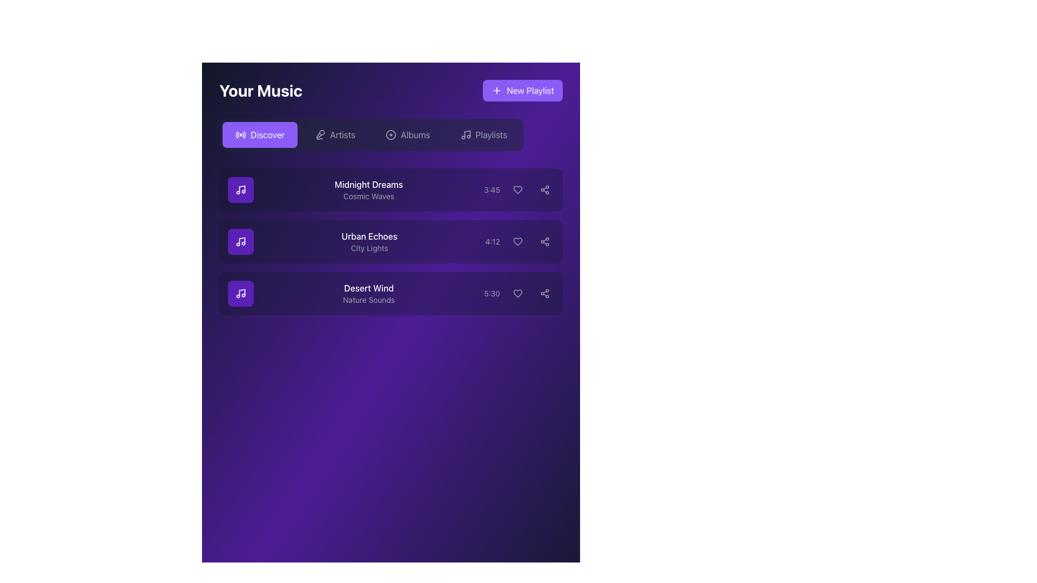 Image resolution: width=1037 pixels, height=583 pixels. I want to click on the music icon represented as a musical note inside a square with rounded corners, styled with a white outline and purple background, located in the third row of the music list titled 'Desert Wind', so click(240, 293).